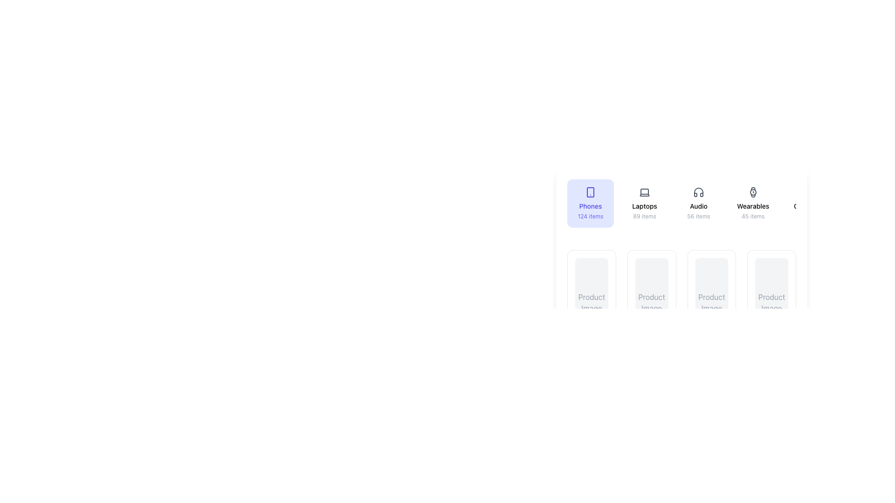 This screenshot has width=895, height=503. I want to click on the text label displaying the count of items in the 'Phones' category, located beneath the 'Phones' label in the product categories menu, so click(590, 217).